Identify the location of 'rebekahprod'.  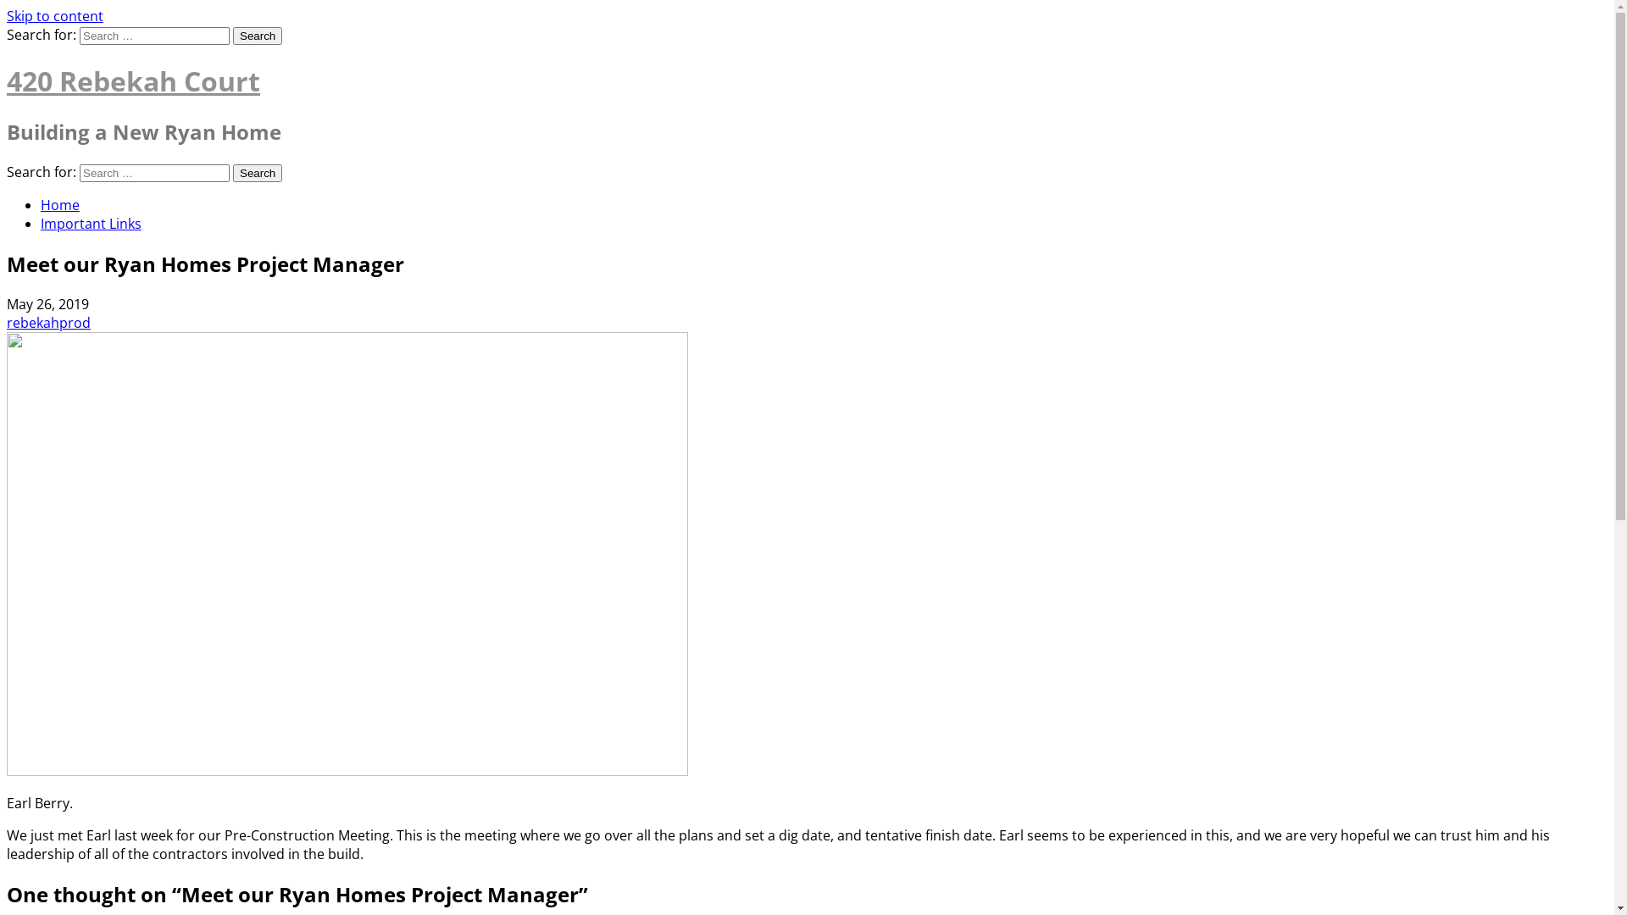
(48, 323).